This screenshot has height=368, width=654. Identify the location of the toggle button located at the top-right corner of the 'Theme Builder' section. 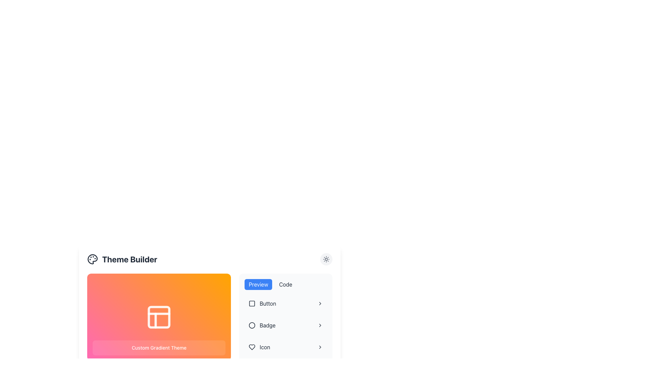
(326, 259).